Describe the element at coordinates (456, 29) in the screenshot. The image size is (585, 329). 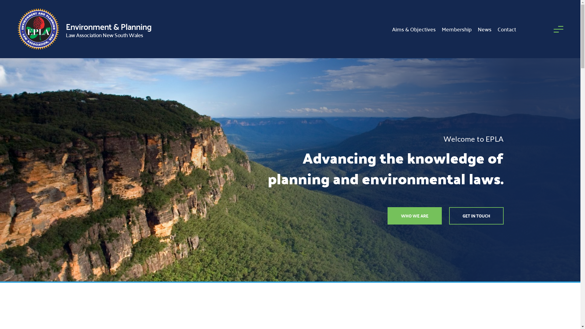
I see `'Membership'` at that location.